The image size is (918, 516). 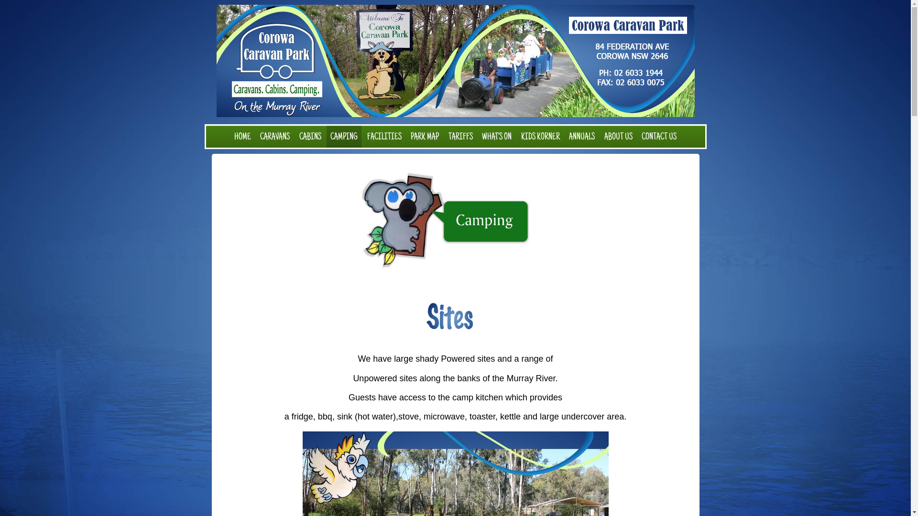 I want to click on 'TARIFFS', so click(x=460, y=137).